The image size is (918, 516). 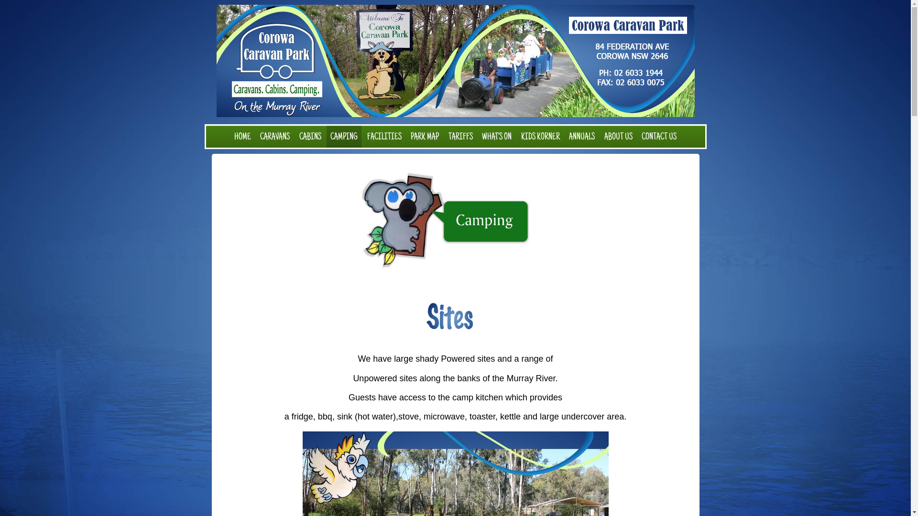 I want to click on 'TARIFFS', so click(x=460, y=137).